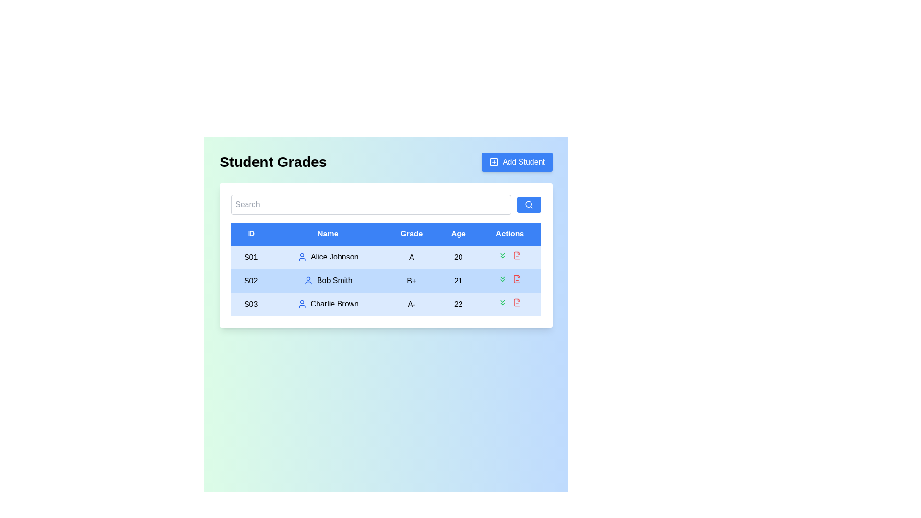 The width and height of the screenshot is (921, 518). Describe the element at coordinates (412, 234) in the screenshot. I see `the blue label with the word 'Grade' centered in white, which is the third column header in the table, located between 'Name' and 'Age'` at that location.